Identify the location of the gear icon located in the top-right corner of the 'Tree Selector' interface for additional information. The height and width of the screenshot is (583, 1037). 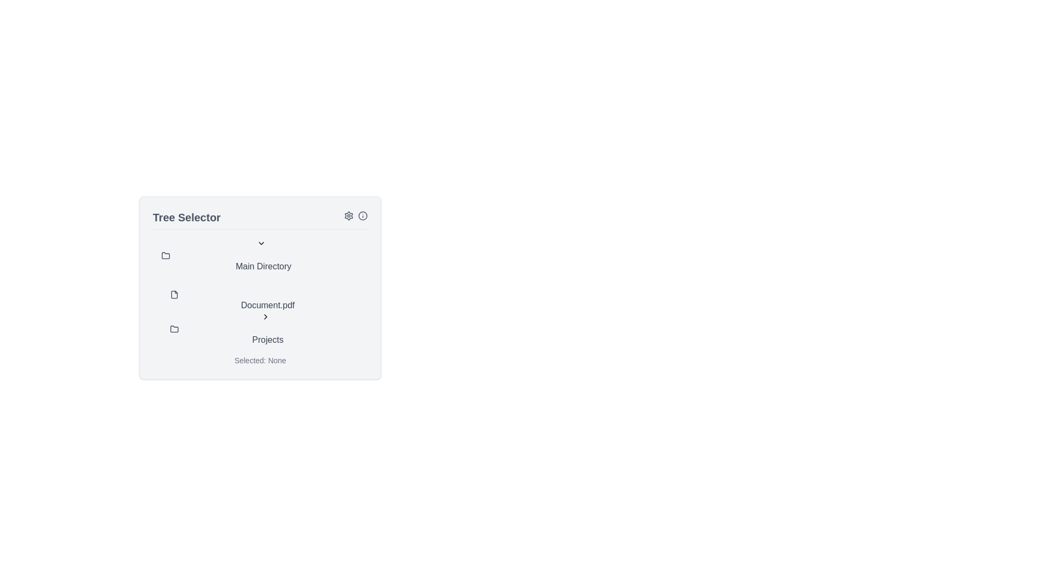
(349, 215).